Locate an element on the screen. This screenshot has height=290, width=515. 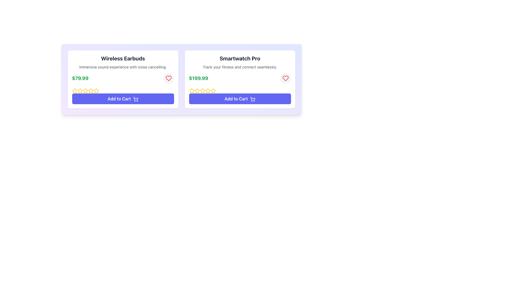
the favorite button located at the top-right corner of the product card, adjacent to the green price text of $79.99, to mark the item as favorite is located at coordinates (168, 78).